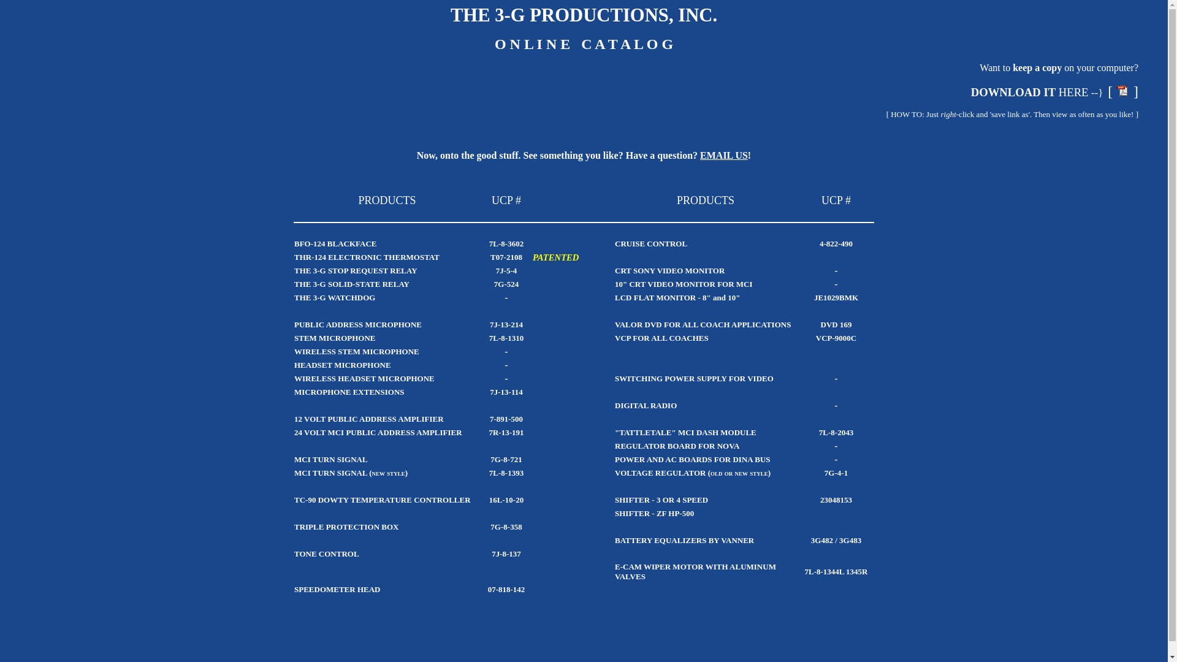 This screenshot has height=662, width=1177. I want to click on '24 VOLT MCI PUBLIC ADDRESS', so click(354, 432).